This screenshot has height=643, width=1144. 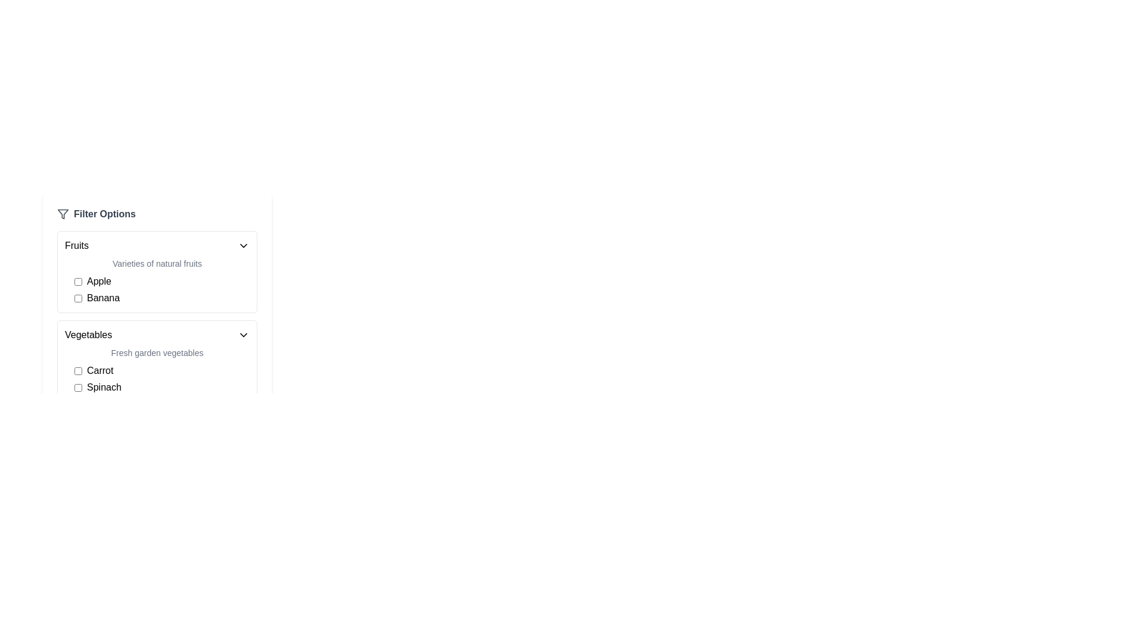 What do you see at coordinates (77, 298) in the screenshot?
I see `the checkbox located to the left of the text label 'Banana' in the 'Fruits' section` at bounding box center [77, 298].